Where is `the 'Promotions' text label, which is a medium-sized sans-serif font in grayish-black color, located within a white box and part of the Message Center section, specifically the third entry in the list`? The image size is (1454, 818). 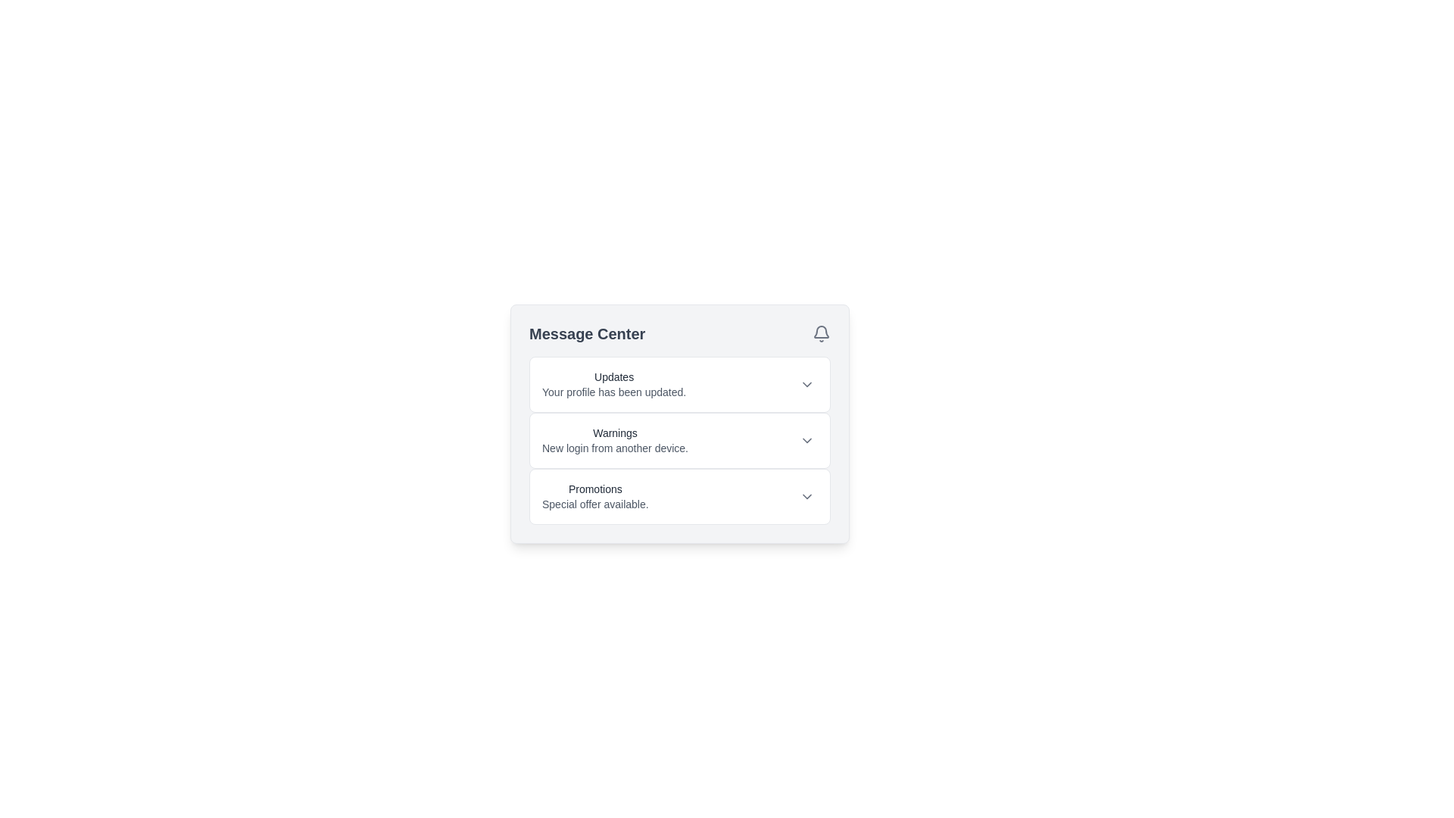 the 'Promotions' text label, which is a medium-sized sans-serif font in grayish-black color, located within a white box and part of the Message Center section, specifically the third entry in the list is located at coordinates (594, 489).